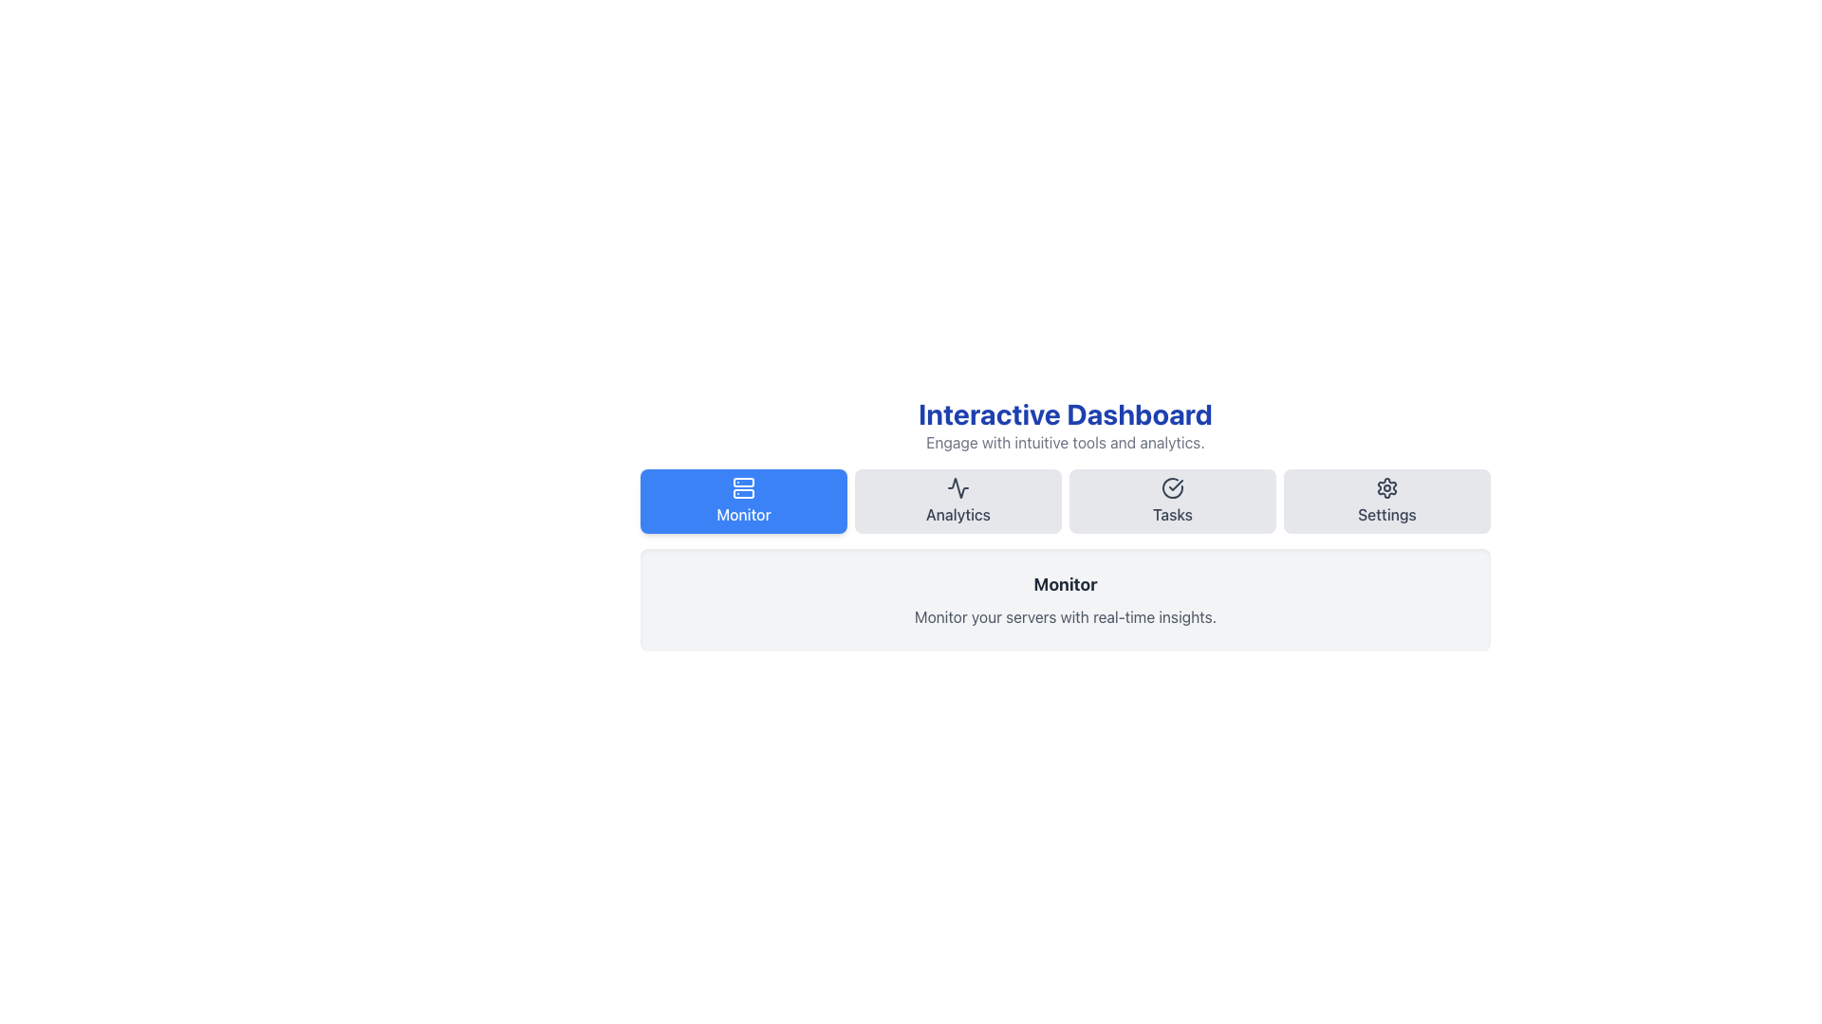  Describe the element at coordinates (1172, 500) in the screenshot. I see `the 'Tasks' button, which is the third button from the left in a row of four buttons` at that location.